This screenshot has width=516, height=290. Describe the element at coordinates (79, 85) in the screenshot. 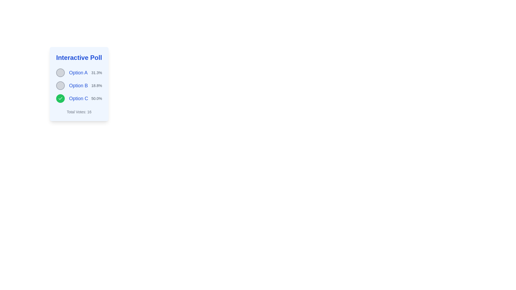

I see `information displayed in the Poll Option Display for 'Option B' which includes the label and percentage value` at that location.